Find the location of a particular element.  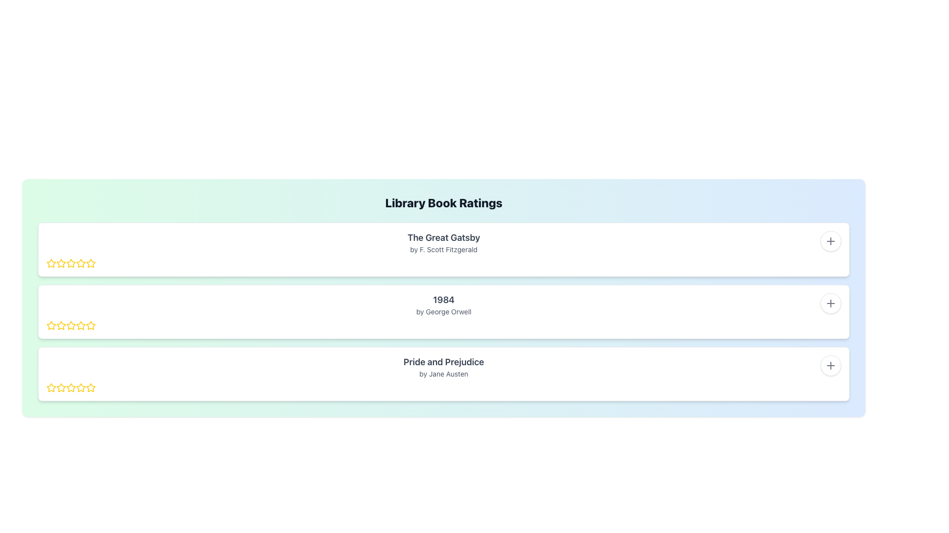

the yellow outlined star icon, which is the last in the series of five stars in the 'Library Book Ratings' section for 'The Great Gatsby' is located at coordinates (90, 263).